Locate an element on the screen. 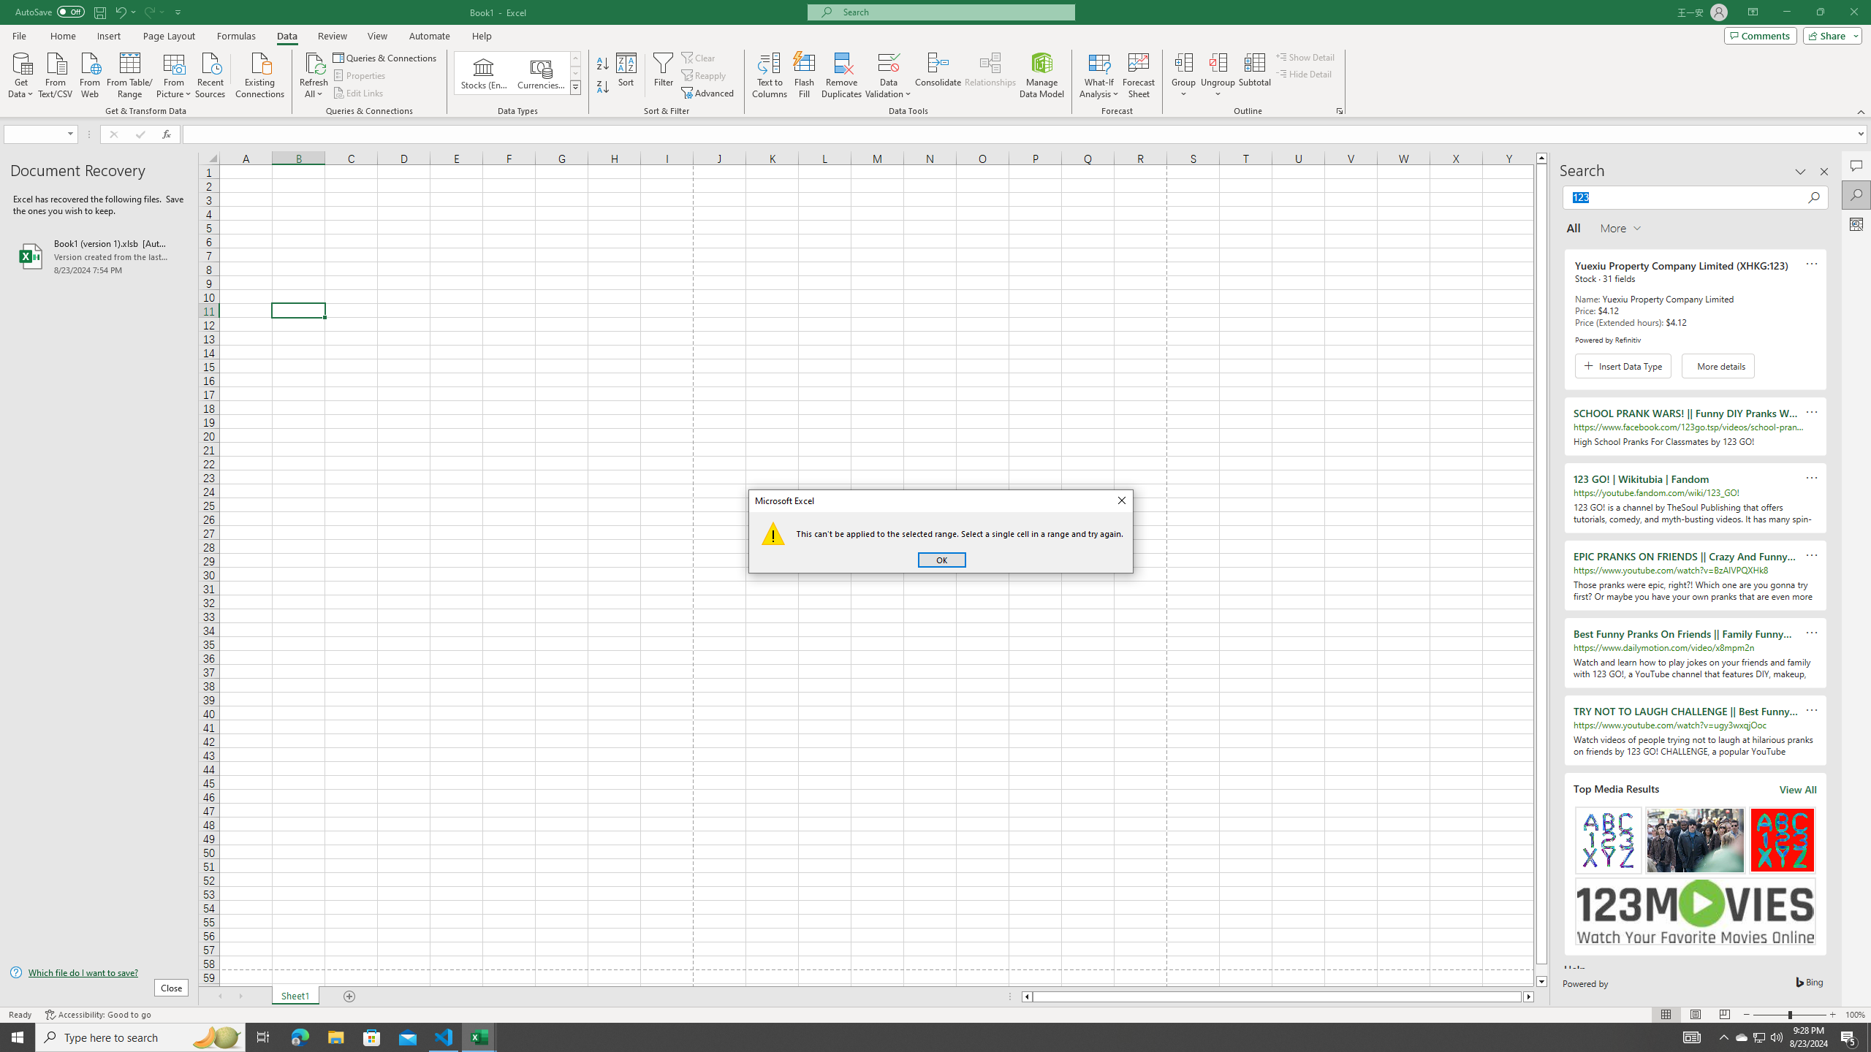 The image size is (1871, 1052). 'Accessibility Checker Accessibility: Good to go' is located at coordinates (98, 1015).